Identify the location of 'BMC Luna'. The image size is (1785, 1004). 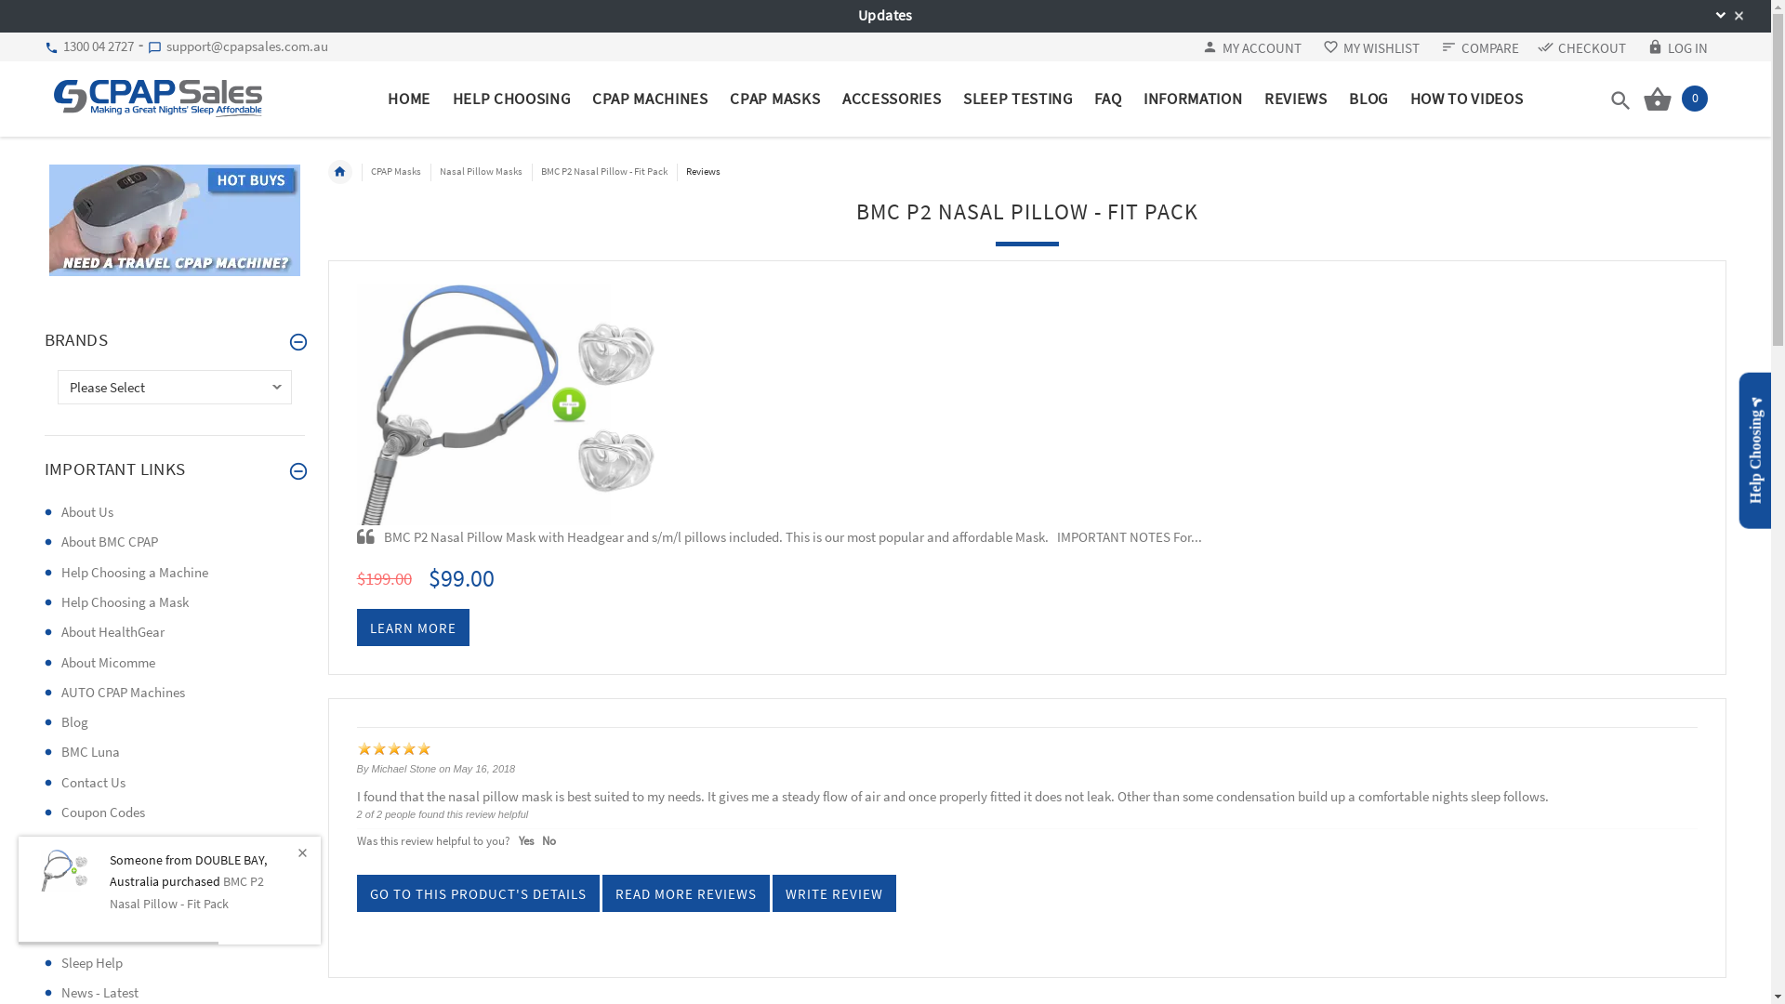
(89, 750).